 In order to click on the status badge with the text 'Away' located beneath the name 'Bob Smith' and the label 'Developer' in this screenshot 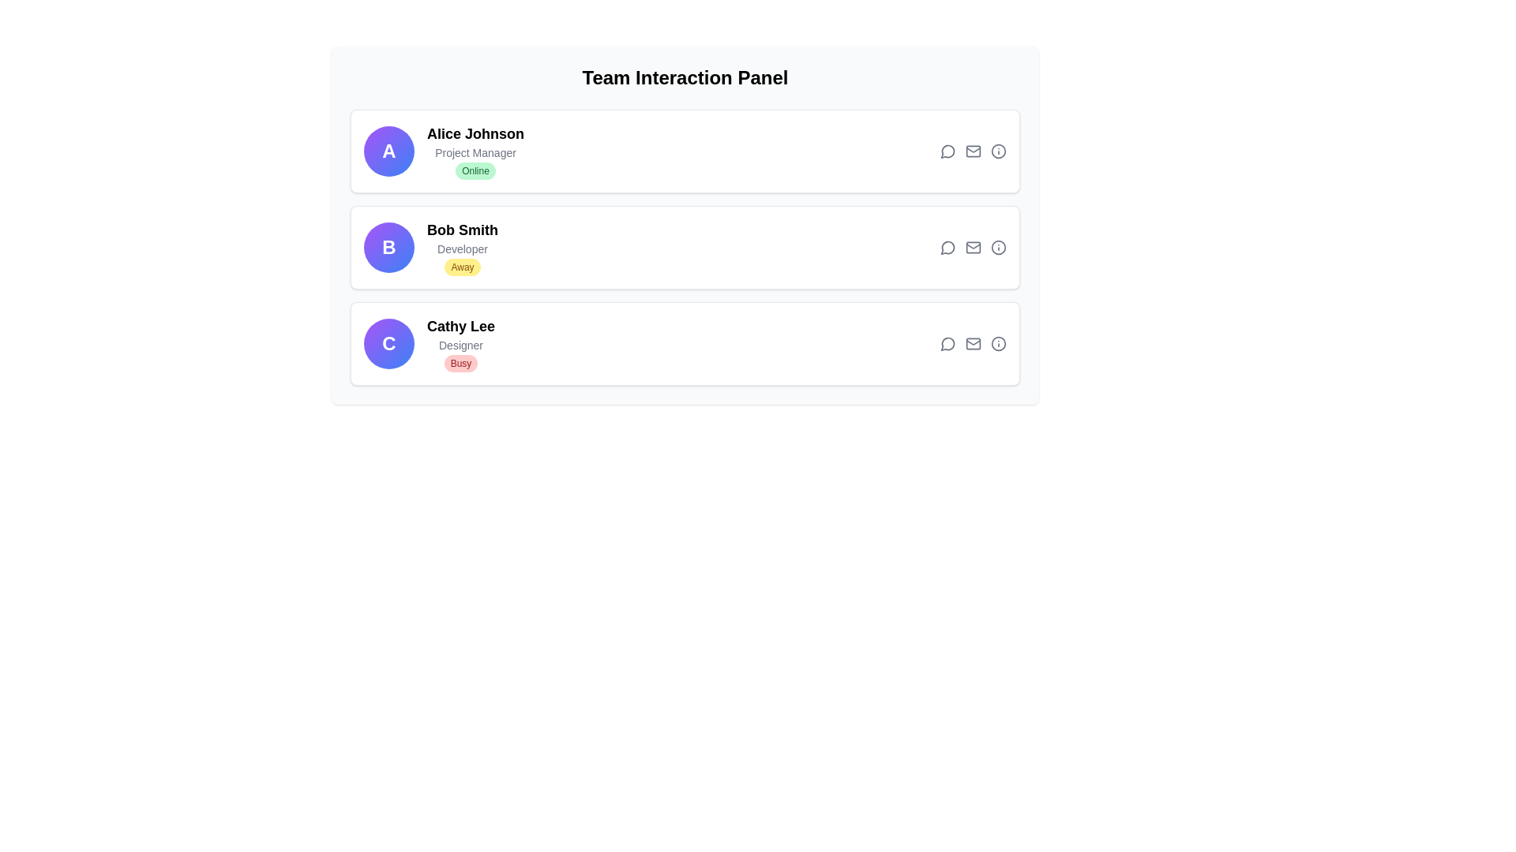, I will do `click(461, 267)`.